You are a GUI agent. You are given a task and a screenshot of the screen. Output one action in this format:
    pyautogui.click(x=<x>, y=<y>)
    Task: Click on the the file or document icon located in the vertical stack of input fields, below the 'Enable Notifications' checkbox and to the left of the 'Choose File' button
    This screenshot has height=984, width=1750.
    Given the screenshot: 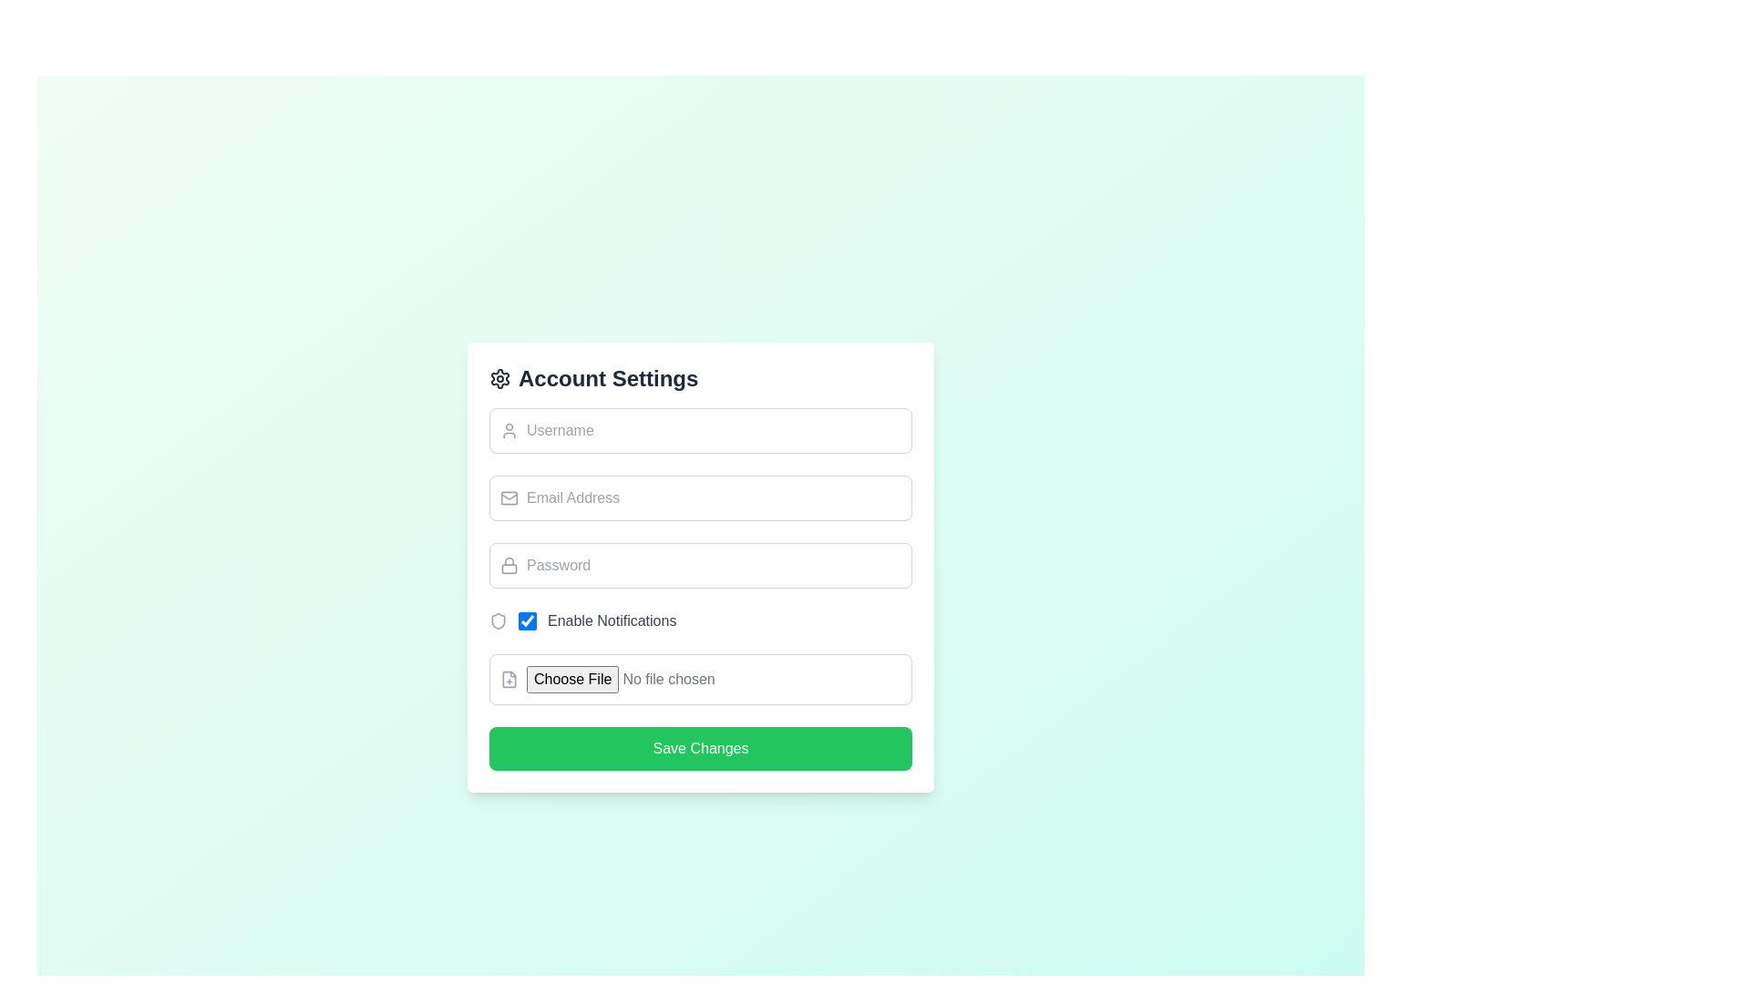 What is the action you would take?
    pyautogui.click(x=509, y=679)
    